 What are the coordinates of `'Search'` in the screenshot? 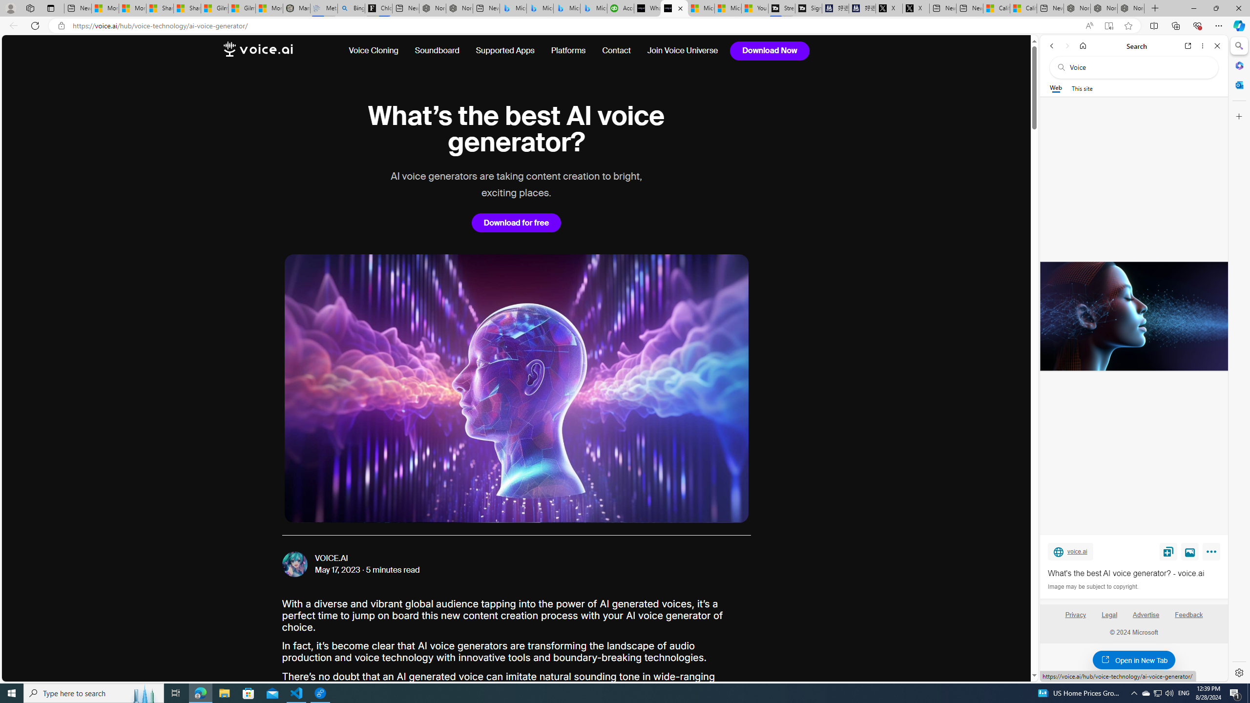 It's located at (1238, 45).